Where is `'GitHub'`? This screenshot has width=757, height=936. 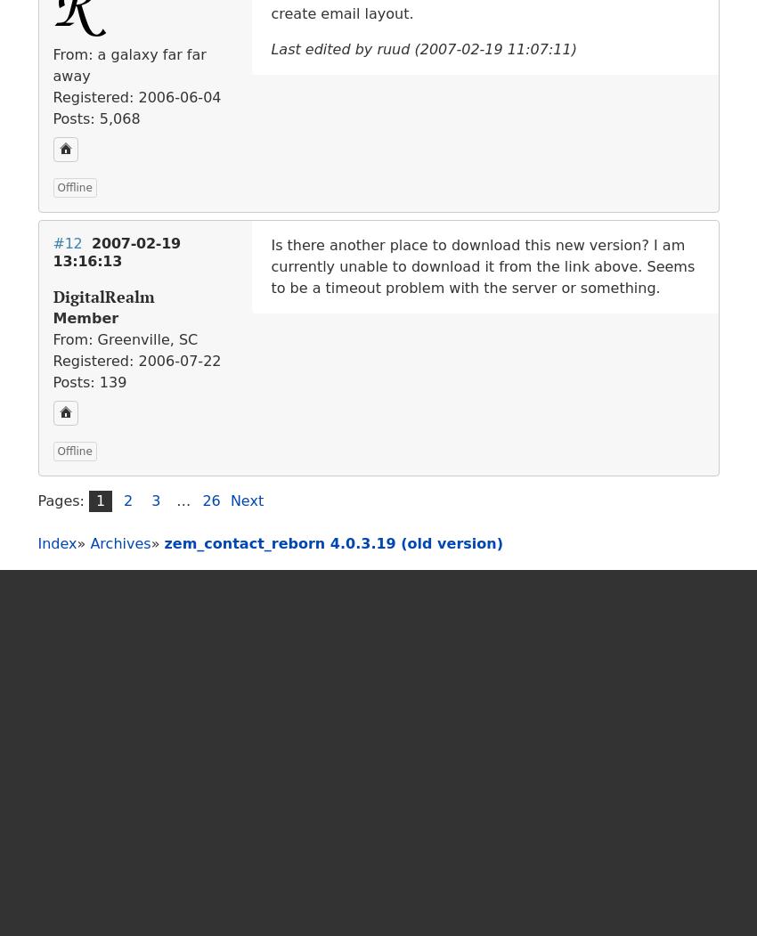 'GitHub' is located at coordinates (92, 630).